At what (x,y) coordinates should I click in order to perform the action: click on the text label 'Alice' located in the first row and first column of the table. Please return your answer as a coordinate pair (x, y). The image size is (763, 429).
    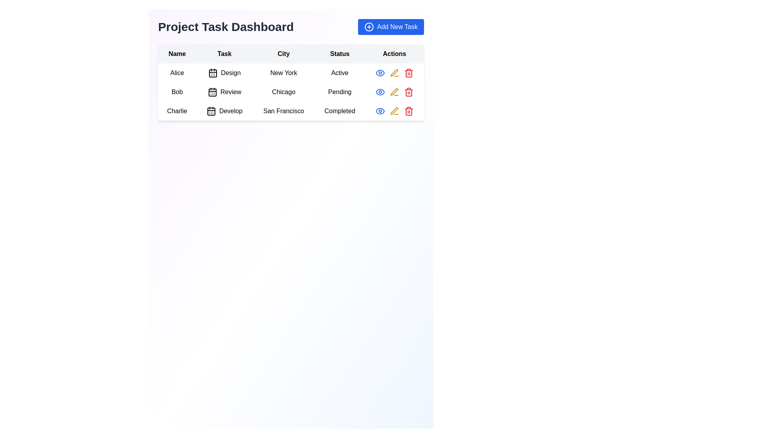
    Looking at the image, I should click on (177, 73).